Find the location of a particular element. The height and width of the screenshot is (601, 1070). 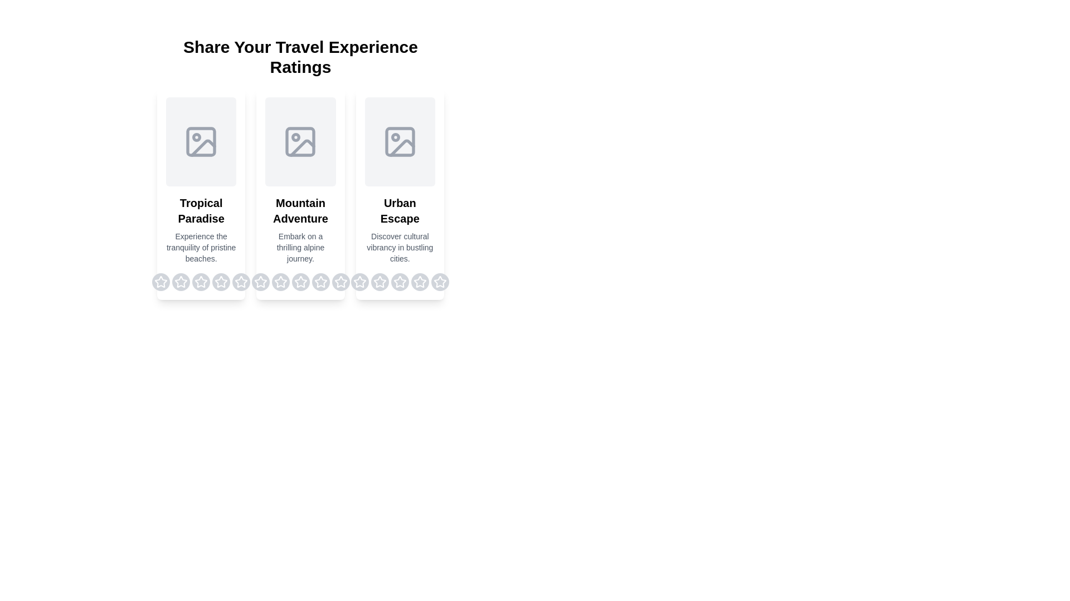

the placeholder image for the destination Urban Escape is located at coordinates (399, 141).